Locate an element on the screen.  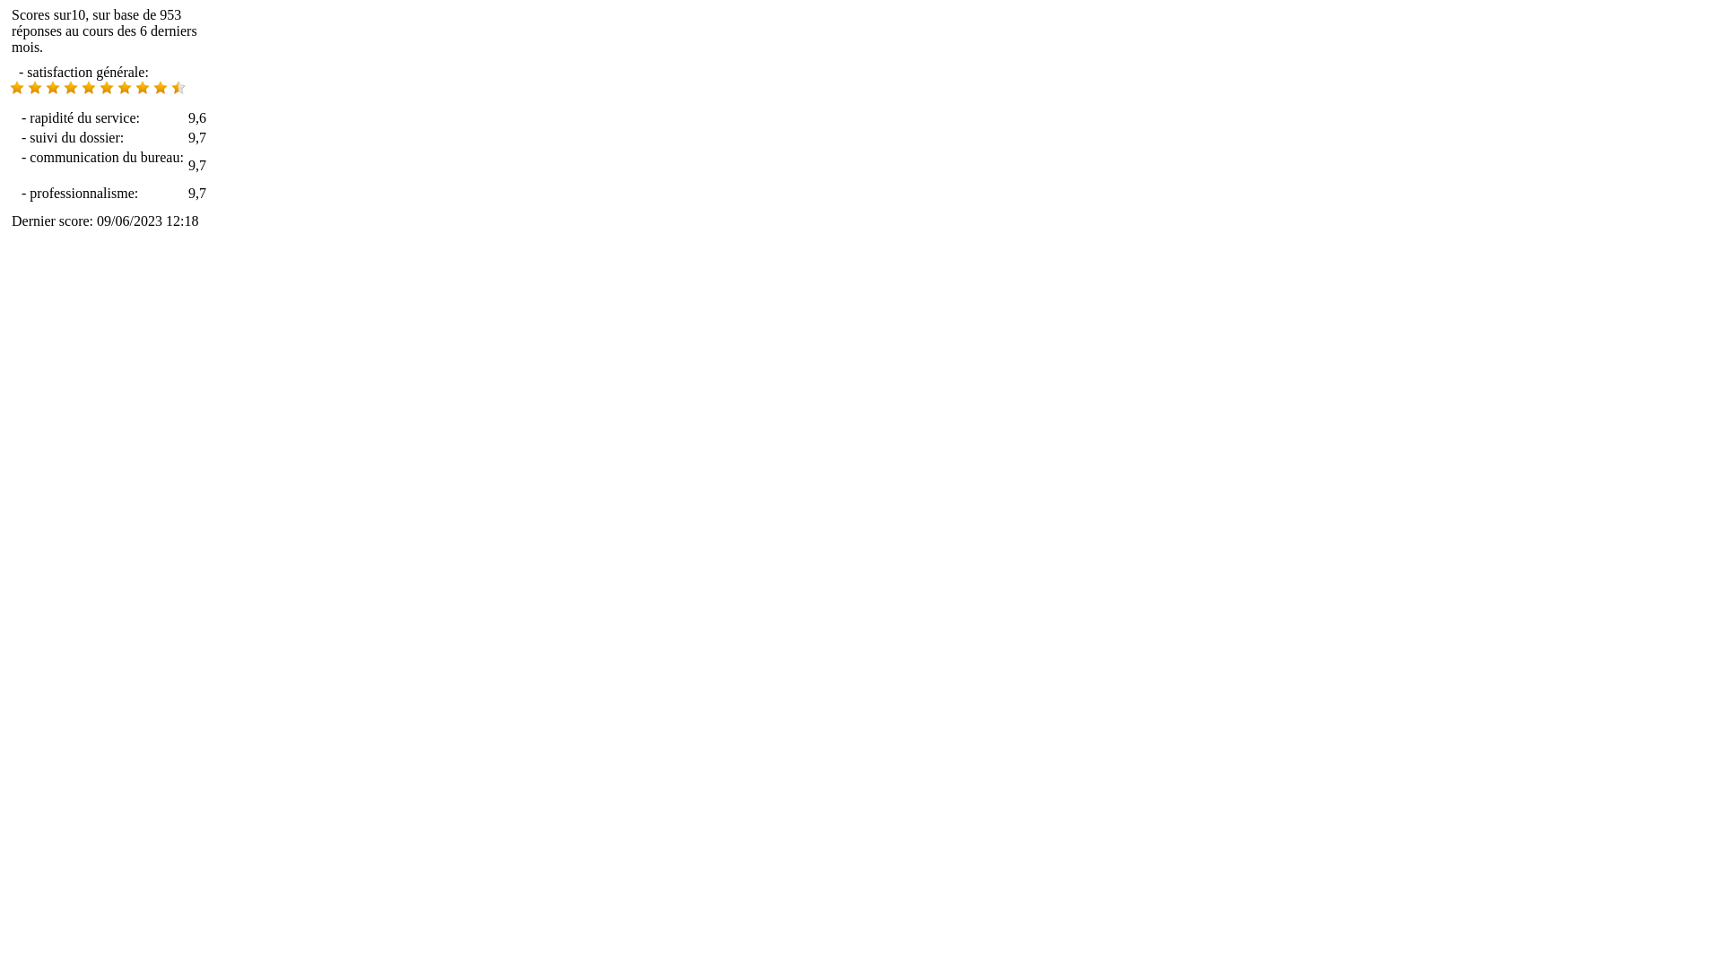
'9.6715634837356' is located at coordinates (52, 87).